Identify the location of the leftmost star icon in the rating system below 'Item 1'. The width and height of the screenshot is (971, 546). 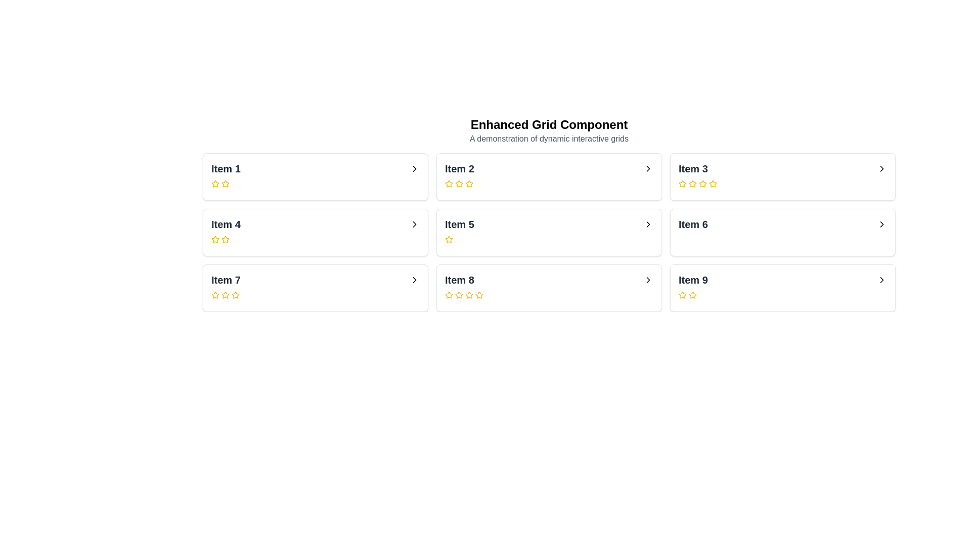
(215, 184).